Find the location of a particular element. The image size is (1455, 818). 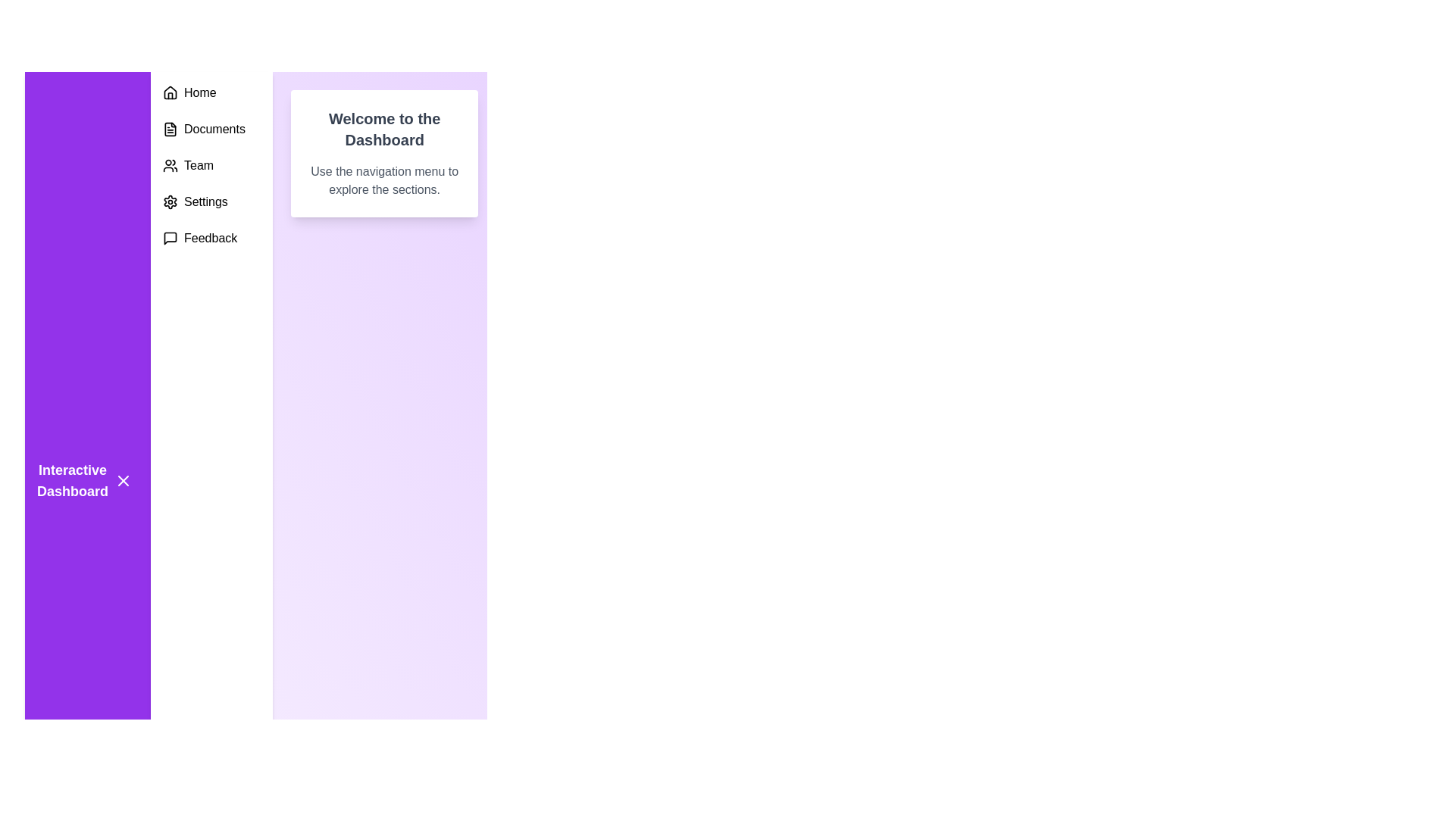

the house icon located in the vertical navigation bar, positioned just above the text 'Home' as a visual indicator is located at coordinates (171, 93).